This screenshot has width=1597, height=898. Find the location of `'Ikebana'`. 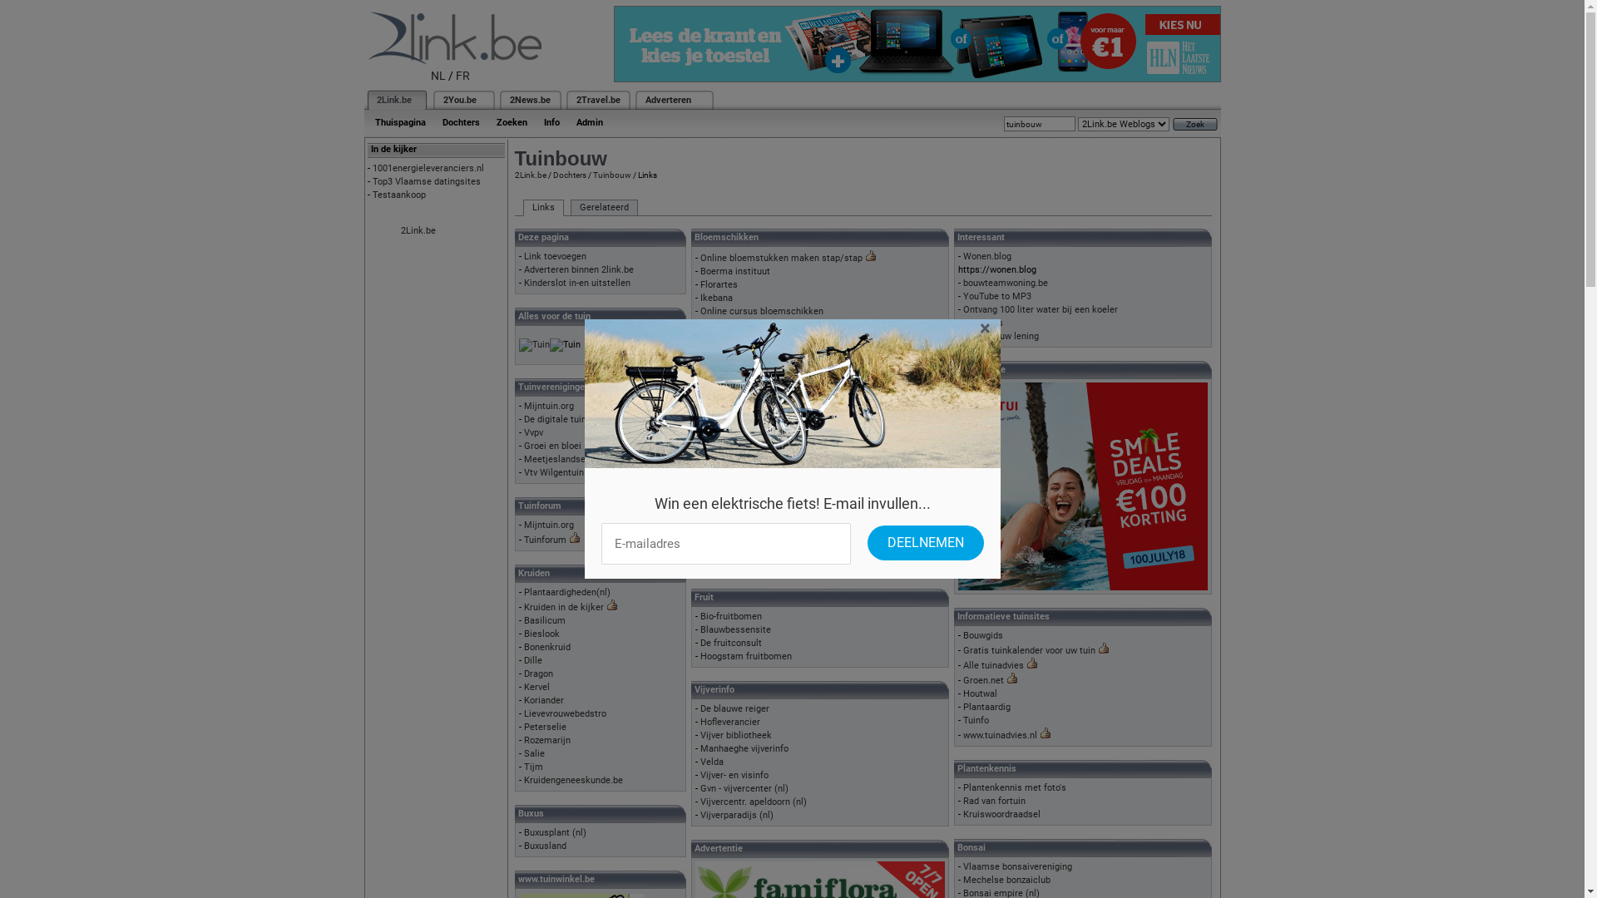

'Ikebana' is located at coordinates (716, 297).